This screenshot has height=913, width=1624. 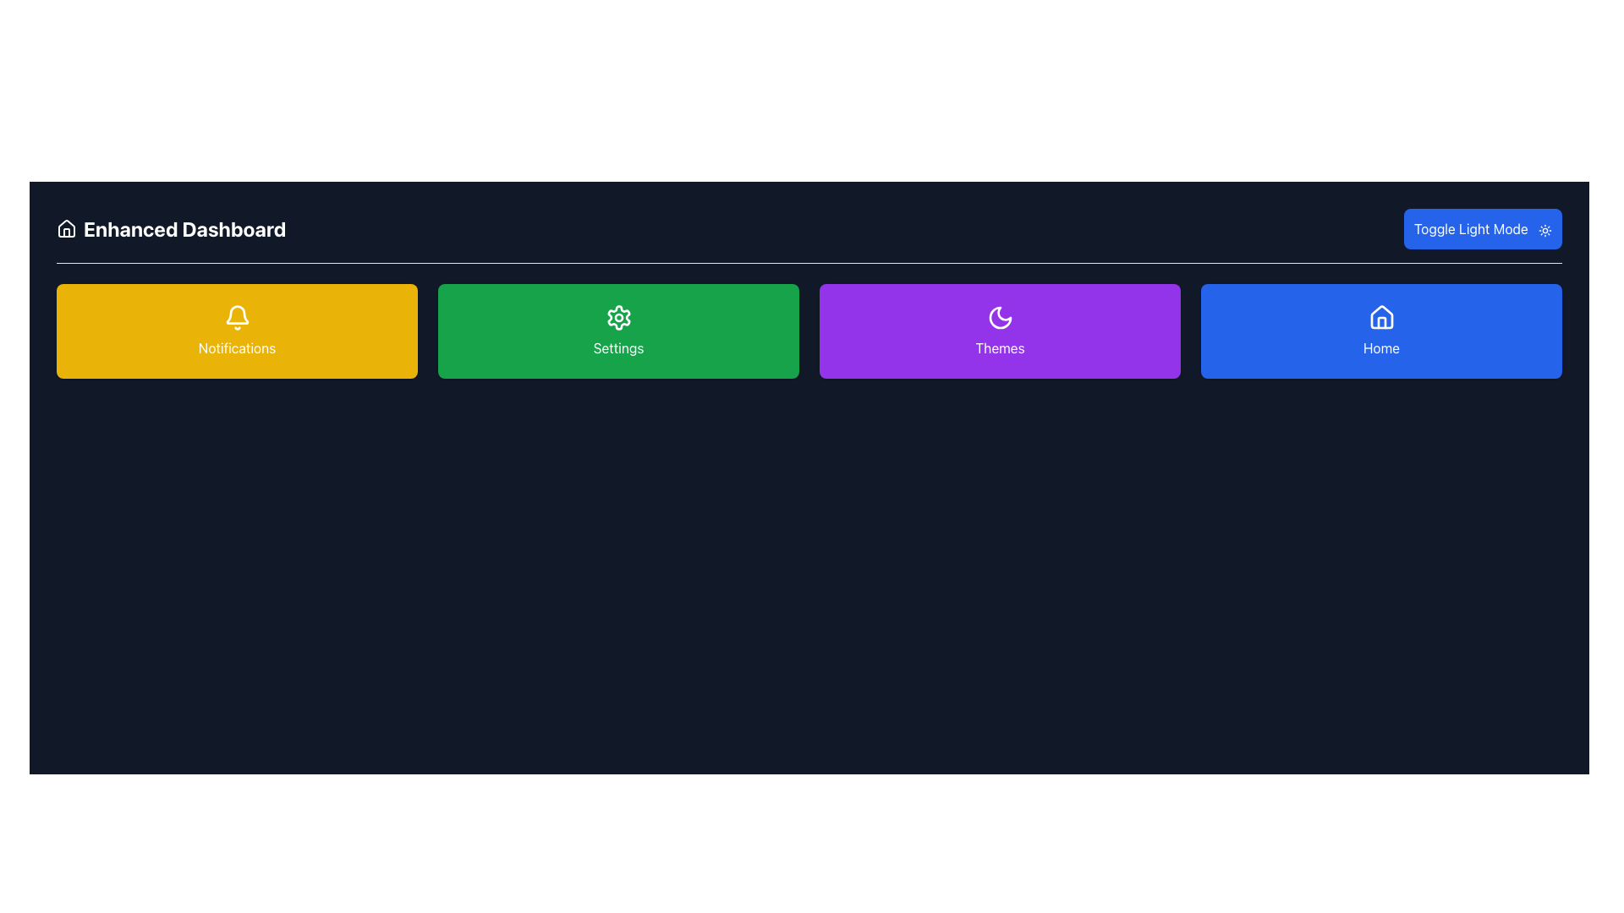 I want to click on the 'Home' button, which is the fourth card in a grid layout, so click(x=1381, y=331).